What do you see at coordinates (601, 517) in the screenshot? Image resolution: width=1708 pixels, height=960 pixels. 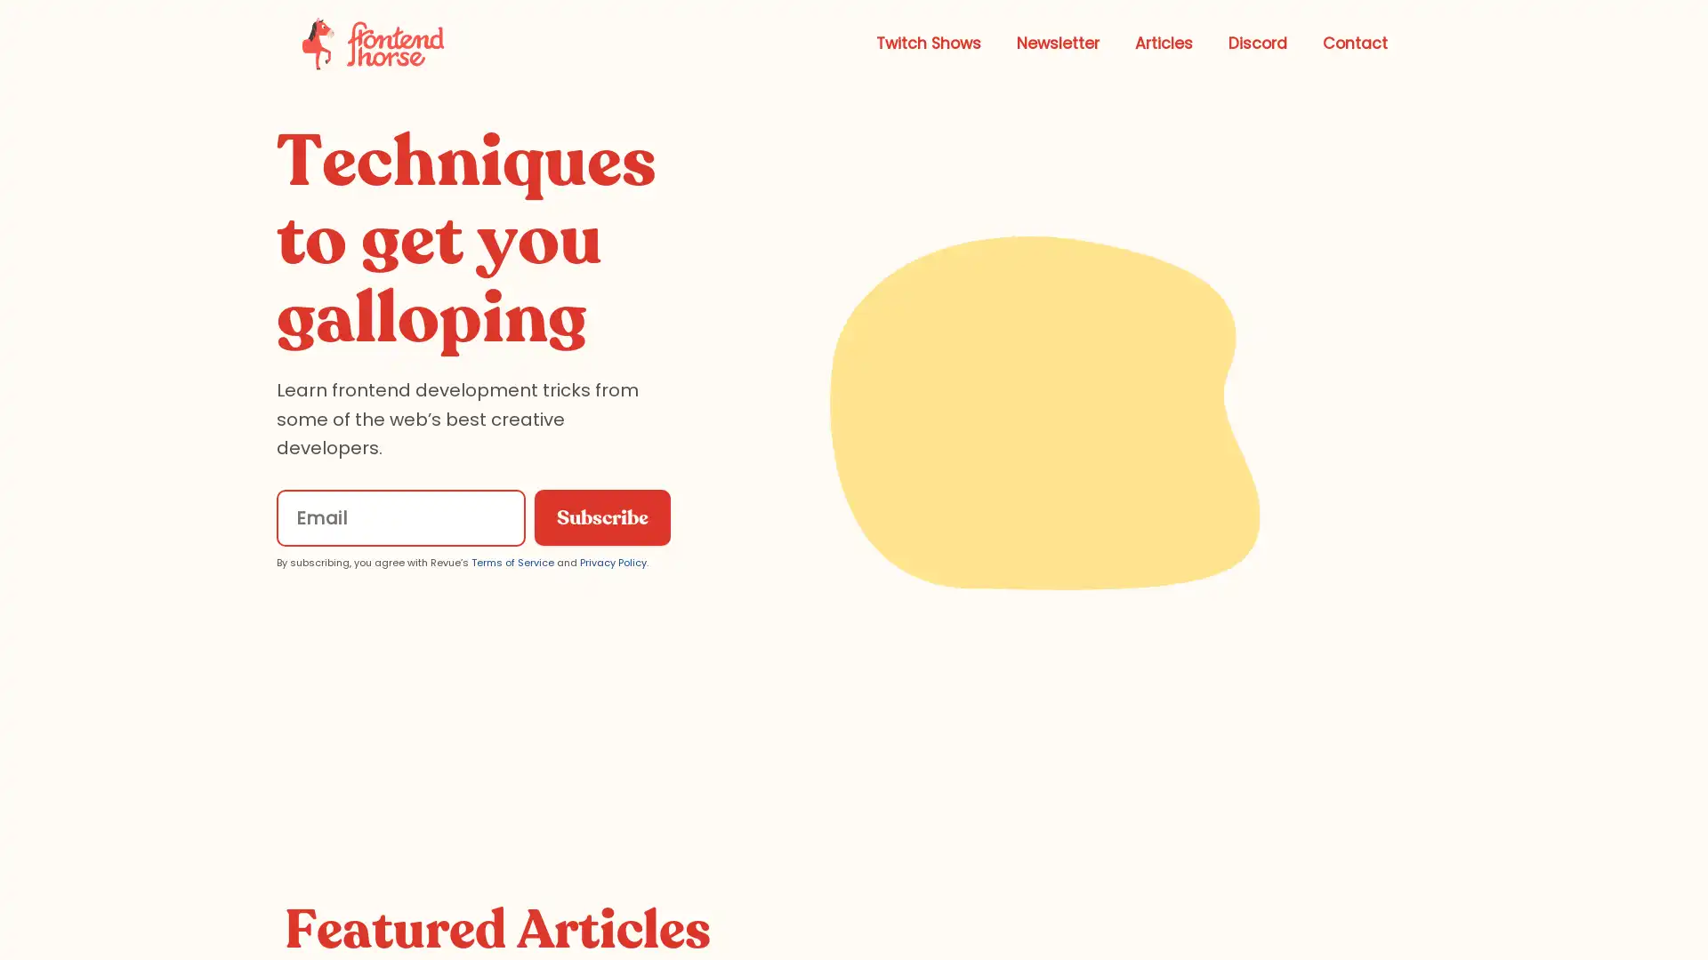 I see `Subscribe` at bounding box center [601, 517].